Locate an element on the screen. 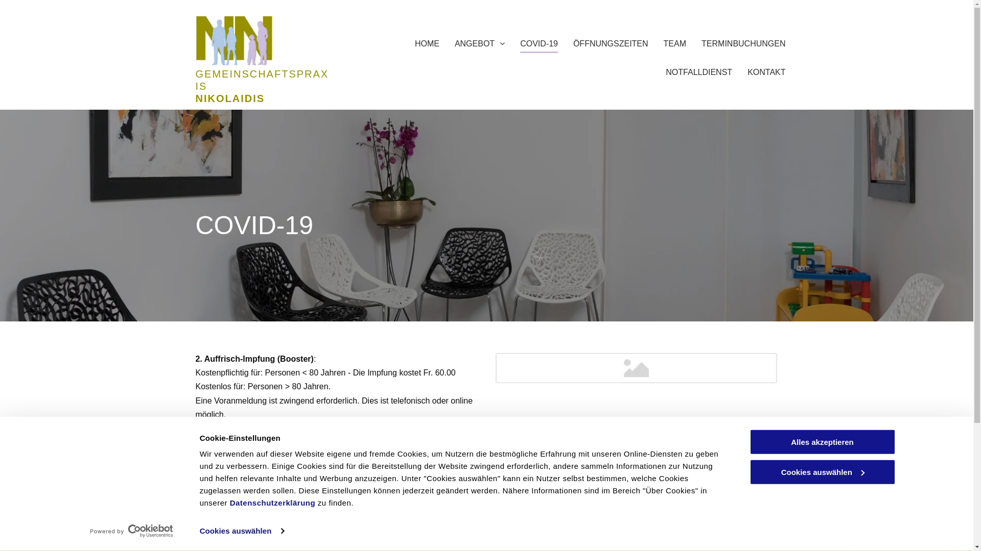 The width and height of the screenshot is (981, 551). 'ANGEBOT' is located at coordinates (454, 41).